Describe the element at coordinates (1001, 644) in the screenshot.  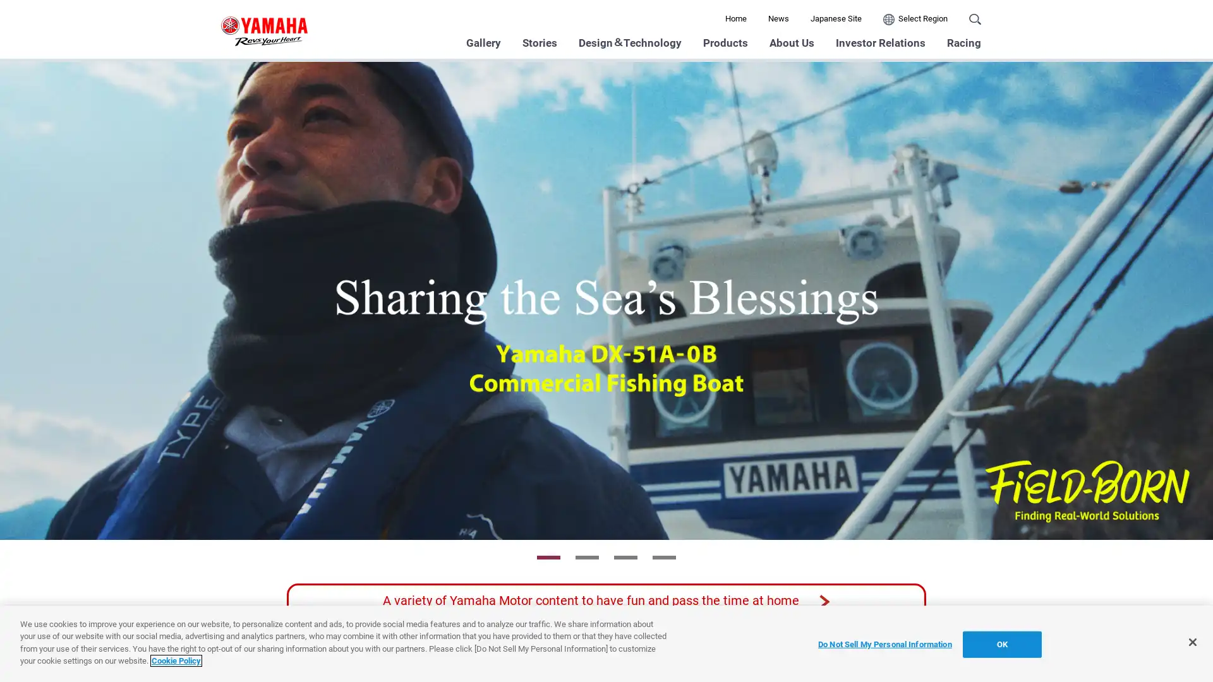
I see `OK` at that location.